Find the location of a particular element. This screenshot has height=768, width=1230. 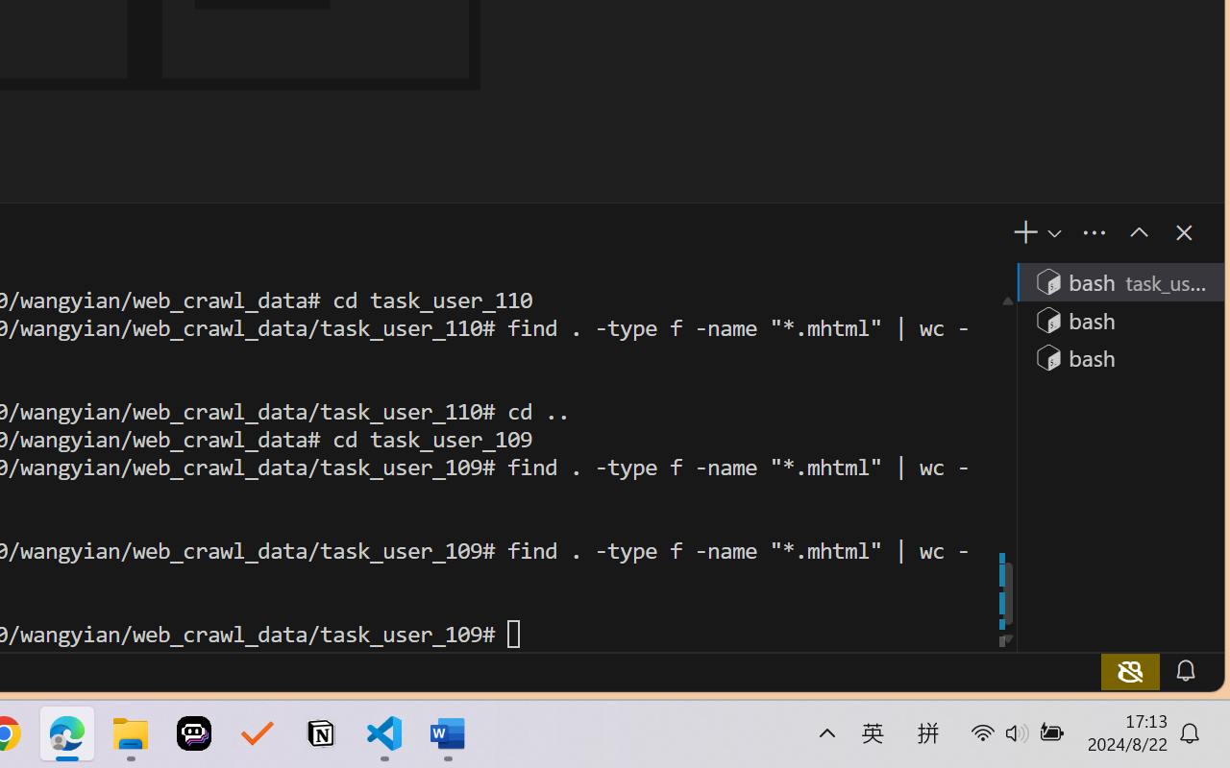

'Maximize Panel Size' is located at coordinates (1138, 231).